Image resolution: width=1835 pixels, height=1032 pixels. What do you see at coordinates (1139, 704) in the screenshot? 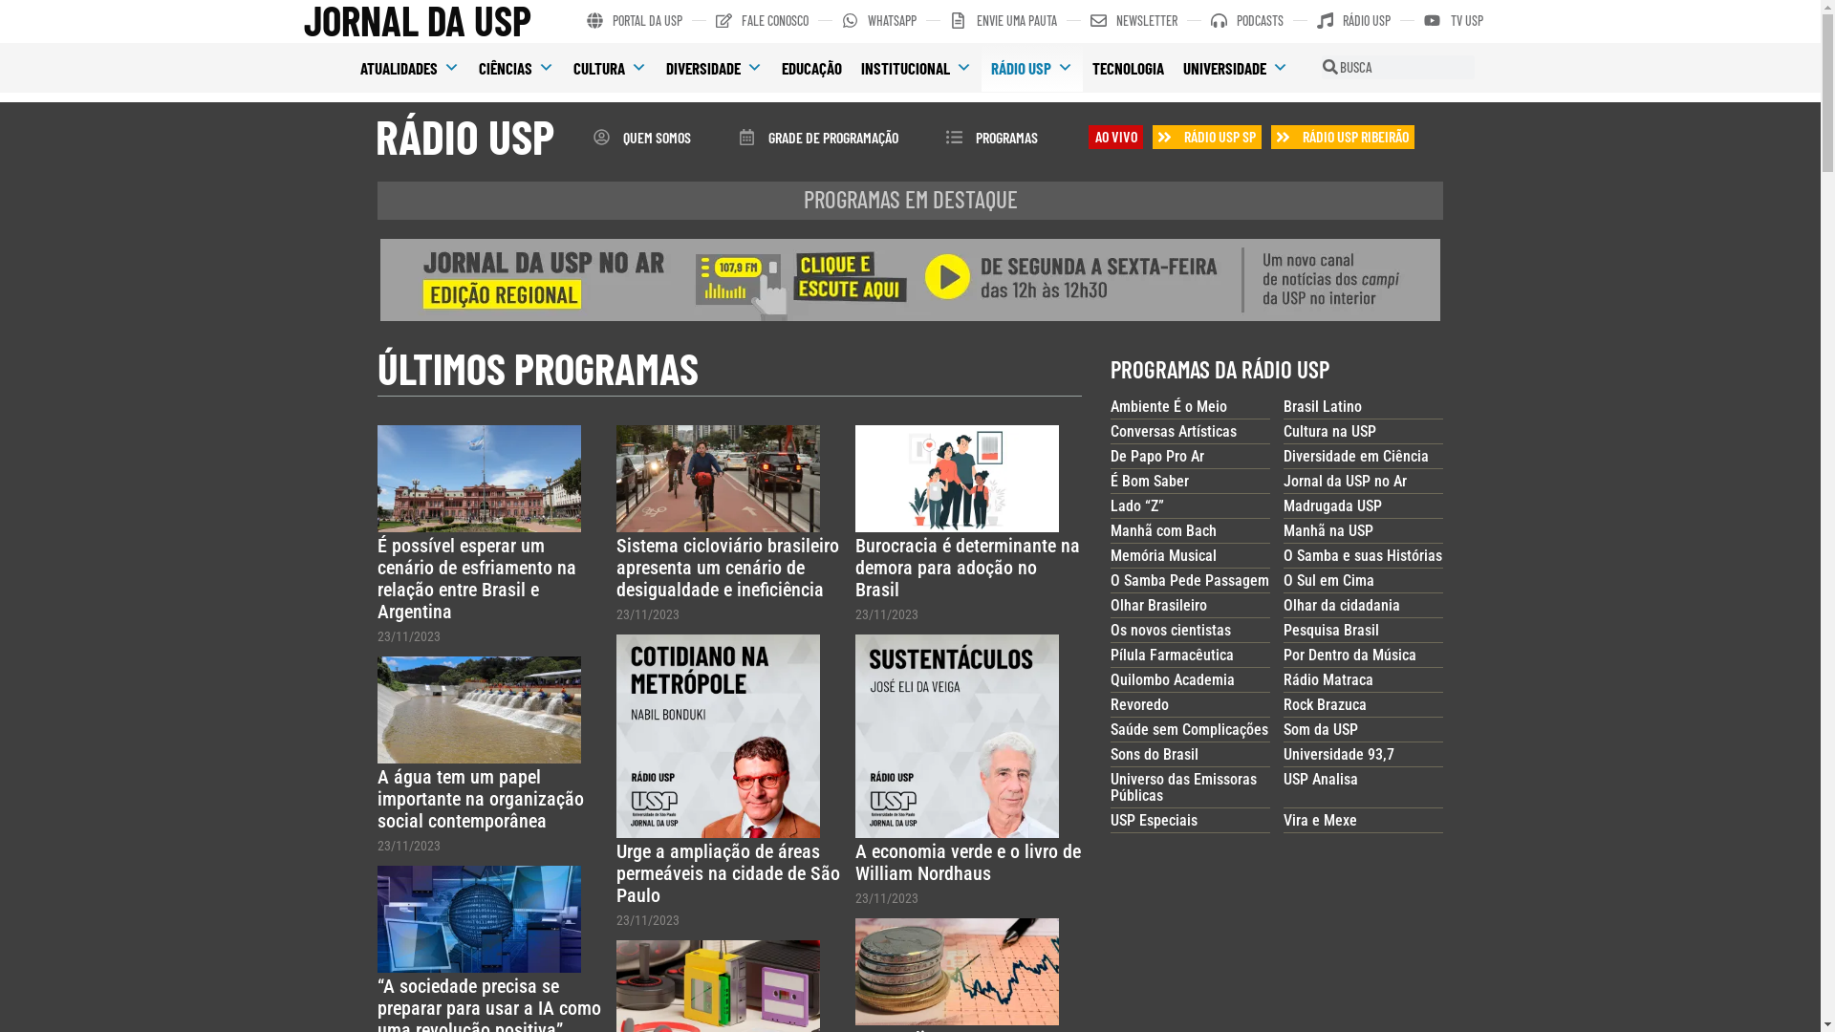
I see `'Revoredo'` at bounding box center [1139, 704].